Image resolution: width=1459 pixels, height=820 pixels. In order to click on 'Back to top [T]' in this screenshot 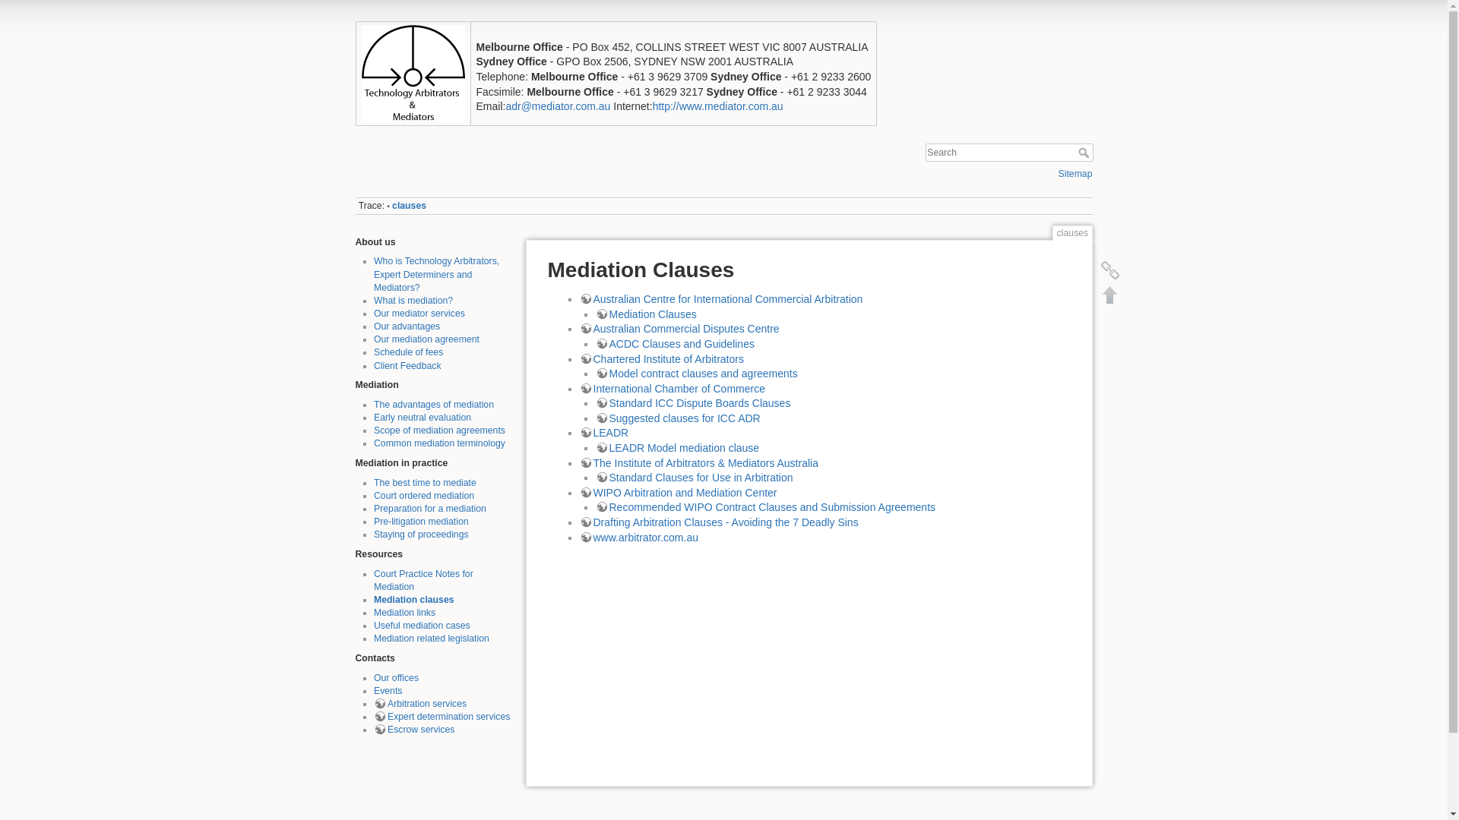, I will do `click(1109, 295)`.